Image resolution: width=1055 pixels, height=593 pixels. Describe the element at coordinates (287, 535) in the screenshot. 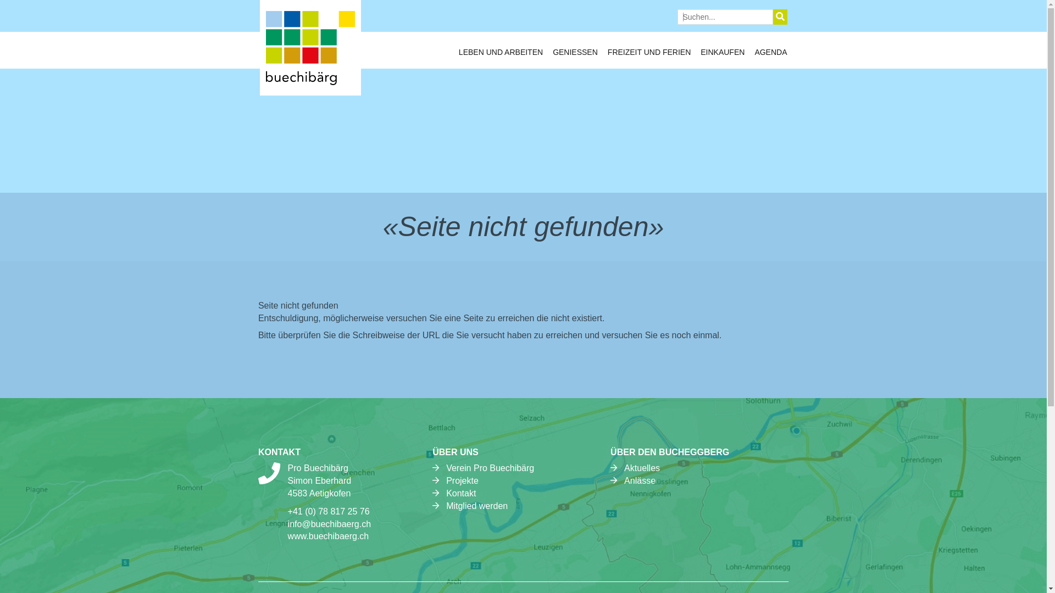

I see `'www.buechibaerg.ch'` at that location.